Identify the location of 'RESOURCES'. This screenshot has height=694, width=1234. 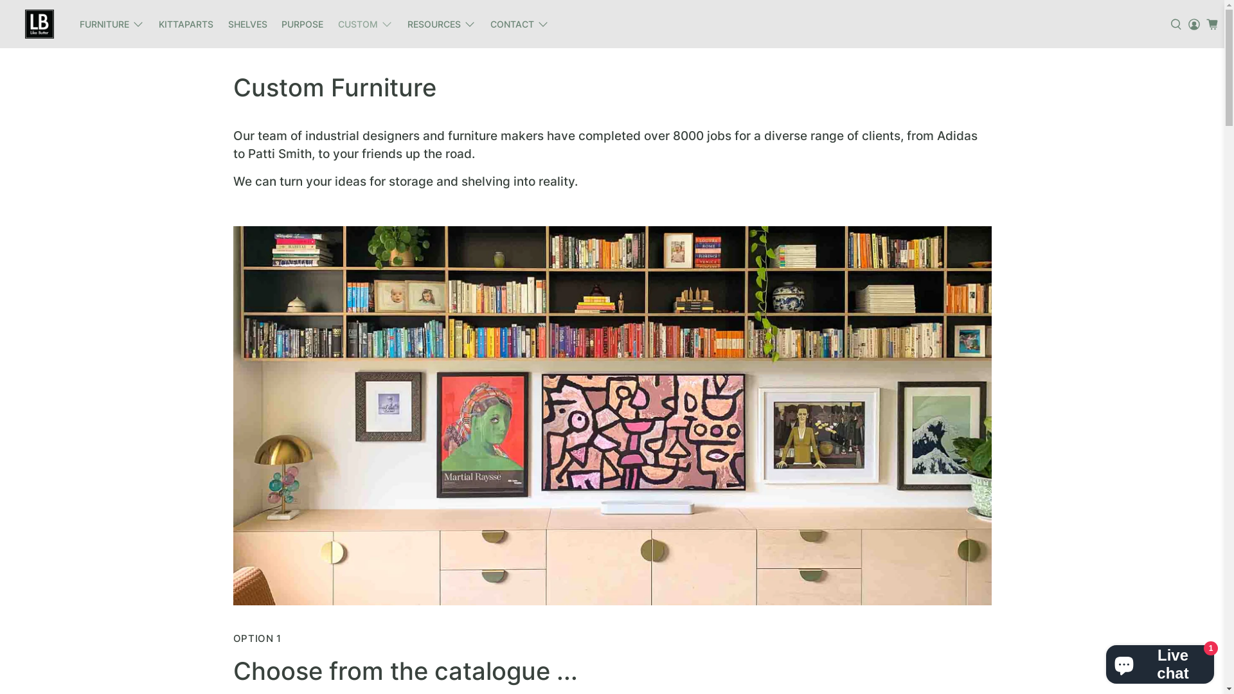
(441, 24).